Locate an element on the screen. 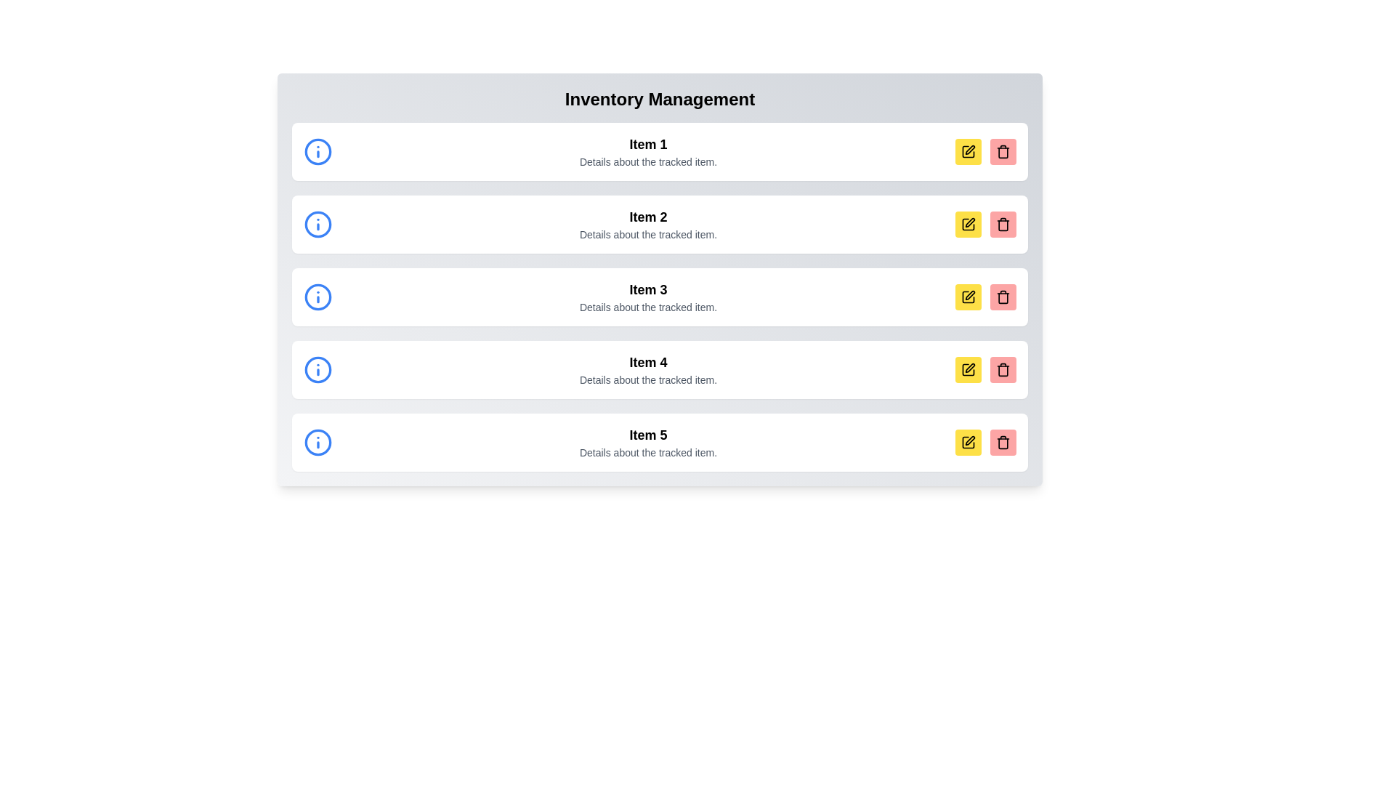 The width and height of the screenshot is (1395, 785). the yellow edit button with a rounded shape and a black pen icon located immediately to the right of 'Item 2' to initiate an edit action is located at coordinates (969, 224).